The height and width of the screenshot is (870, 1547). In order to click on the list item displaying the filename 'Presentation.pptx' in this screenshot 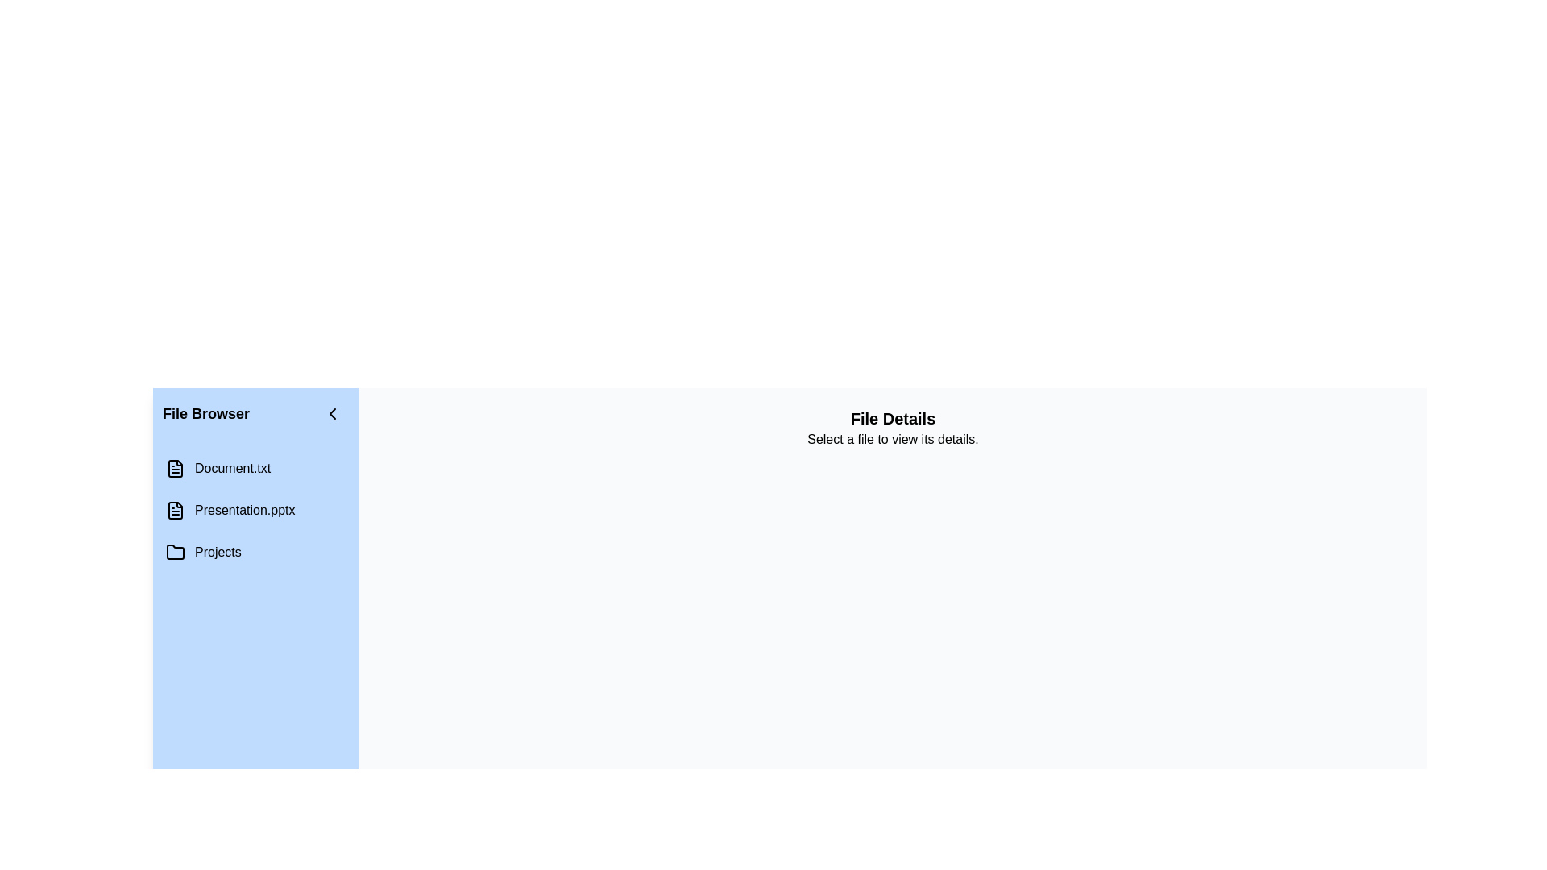, I will do `click(255, 510)`.